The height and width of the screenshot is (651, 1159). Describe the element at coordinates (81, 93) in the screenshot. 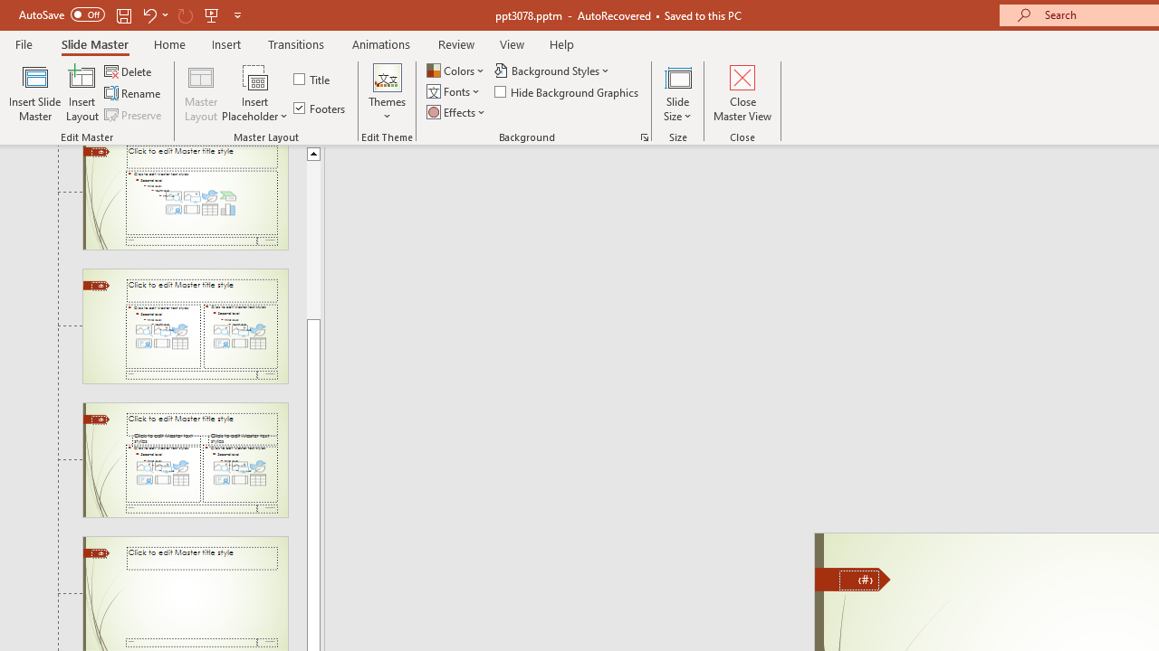

I see `'Insert Layout'` at that location.